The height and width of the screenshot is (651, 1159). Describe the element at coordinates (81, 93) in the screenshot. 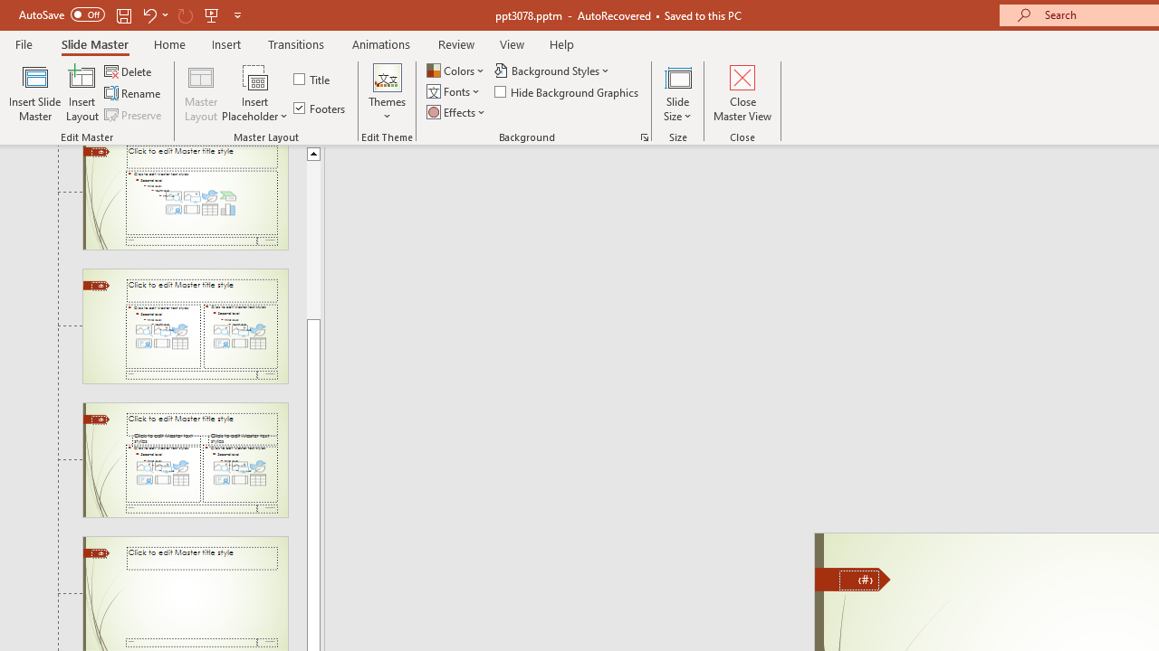

I see `'Insert Layout'` at that location.